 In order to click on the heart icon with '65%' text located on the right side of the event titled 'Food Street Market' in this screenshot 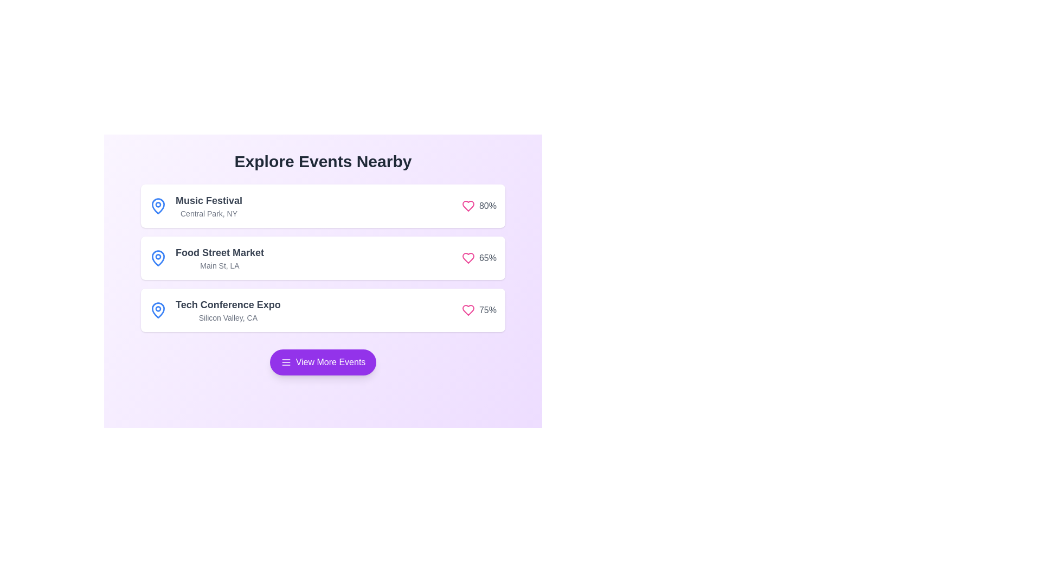, I will do `click(478, 258)`.